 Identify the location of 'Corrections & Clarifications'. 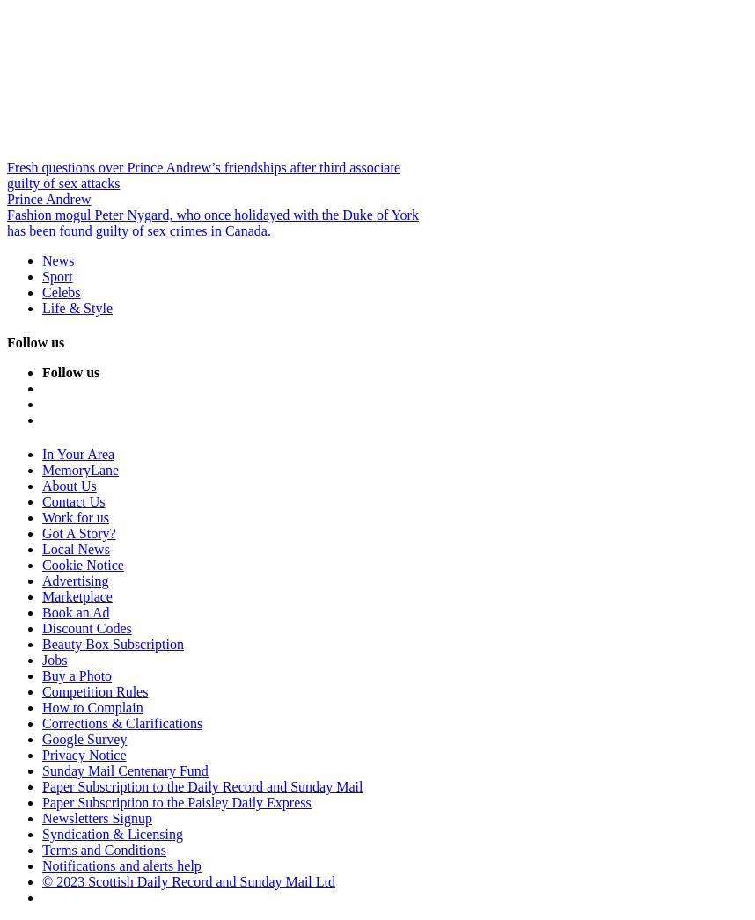
(121, 723).